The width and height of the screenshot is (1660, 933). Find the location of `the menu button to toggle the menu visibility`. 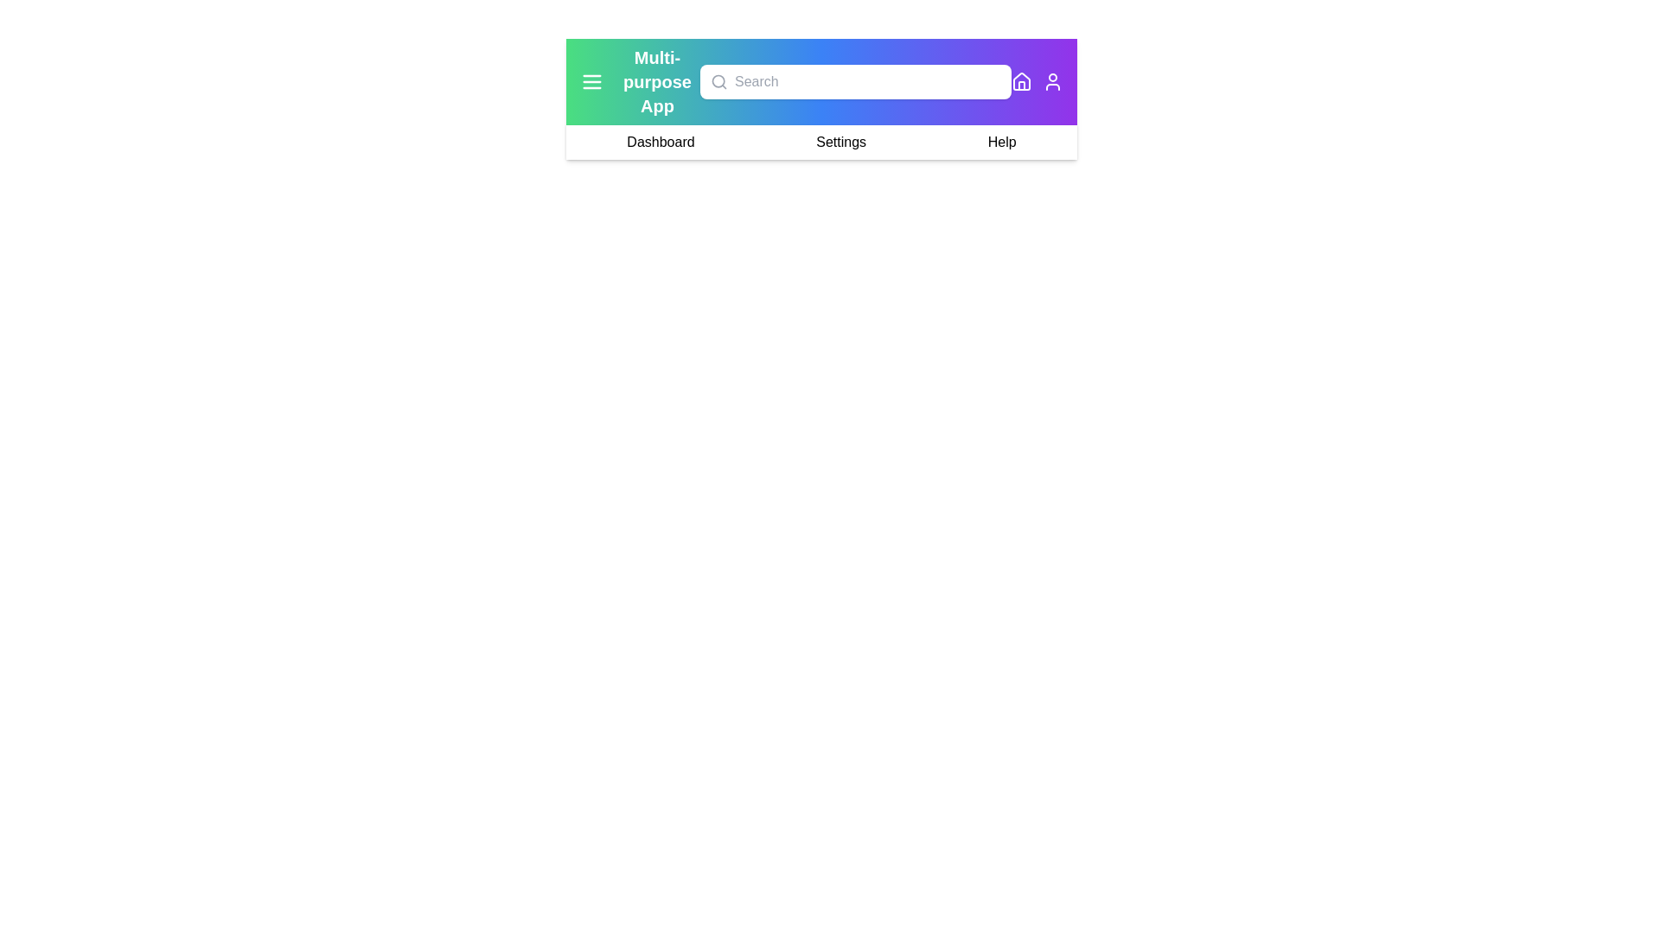

the menu button to toggle the menu visibility is located at coordinates (592, 82).